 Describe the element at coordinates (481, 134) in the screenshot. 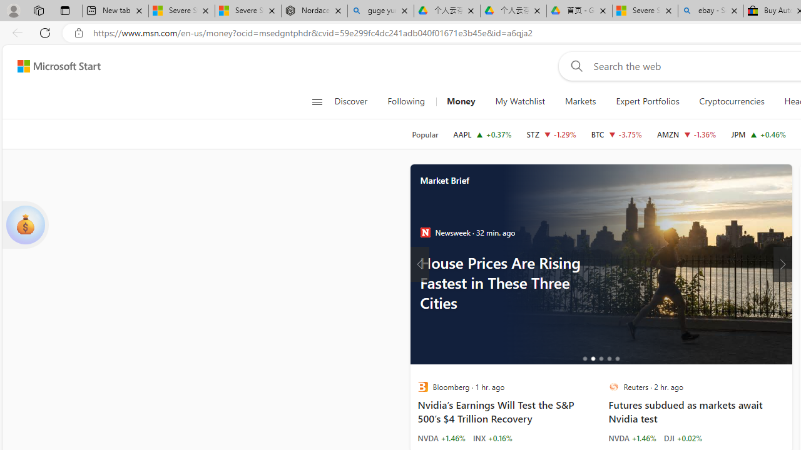

I see `'AAPL APPLE INC. increase 228.03 +0.85 +0.37%'` at that location.